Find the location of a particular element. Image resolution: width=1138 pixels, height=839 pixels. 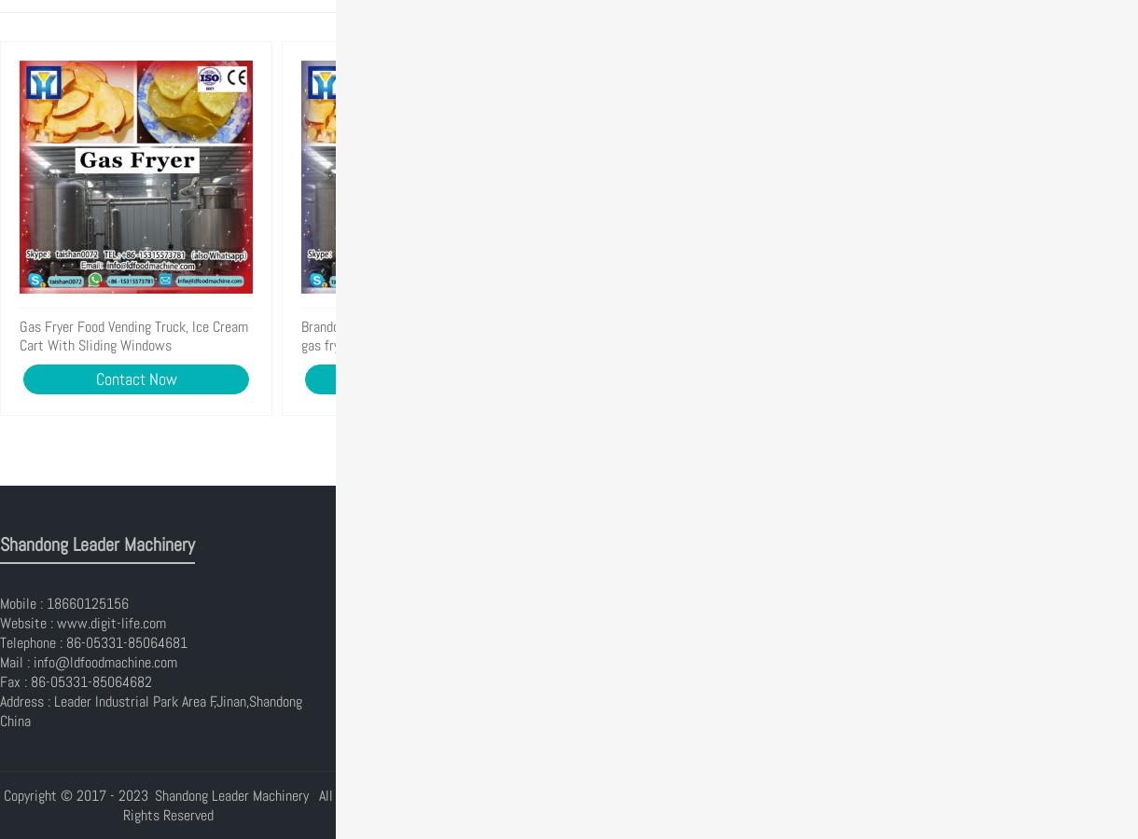

'Website : www.digit-life.com' is located at coordinates (82, 623).